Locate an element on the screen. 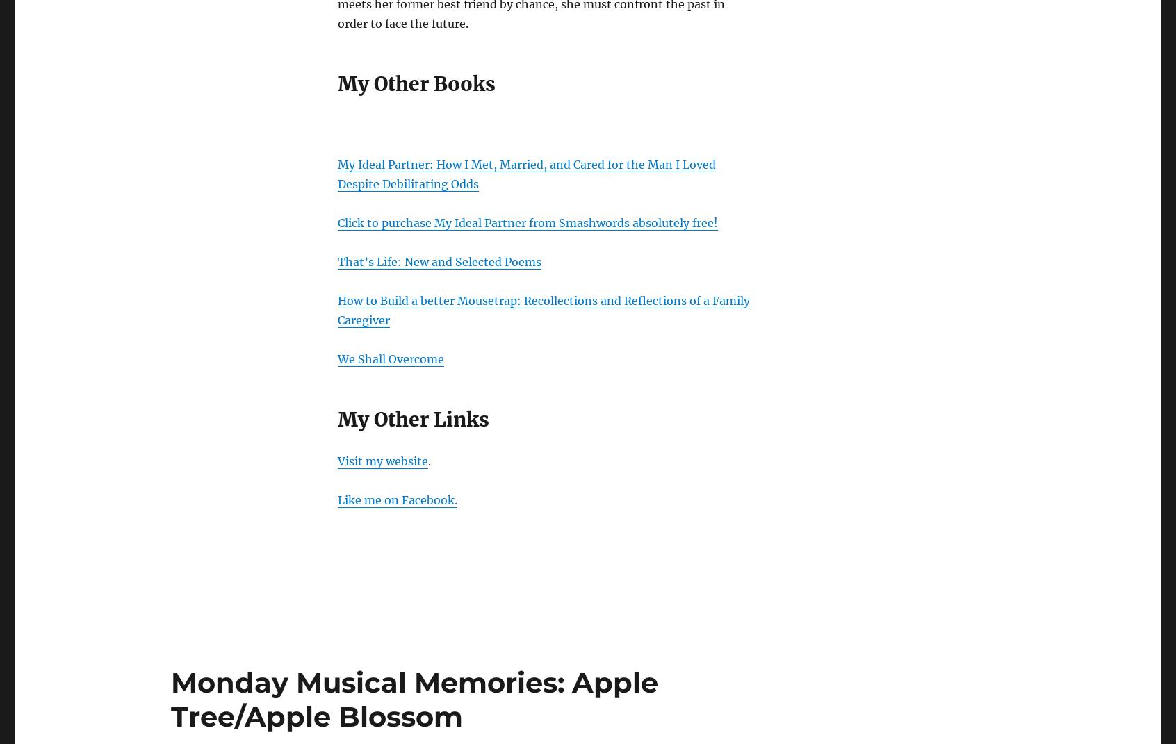  'Click to purchase My Ideal Partner from Smashwords absolutely free!' is located at coordinates (527, 222).